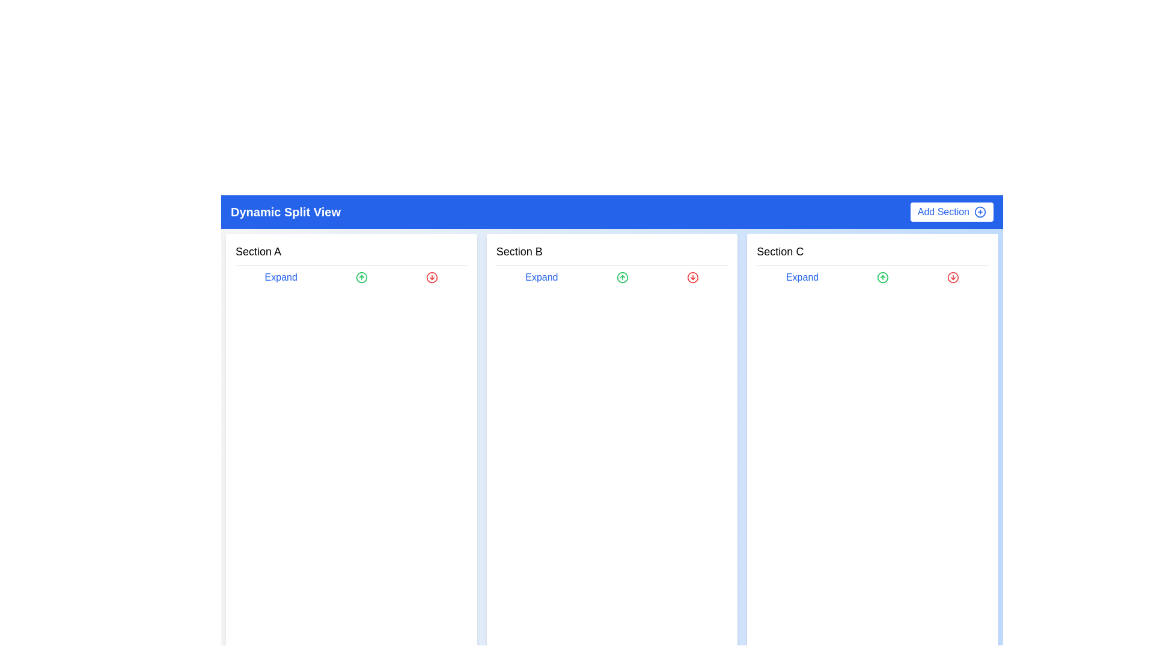 The width and height of the screenshot is (1154, 649). Describe the element at coordinates (951, 212) in the screenshot. I see `the 'Add Section' button located in the top right corner of the blue bar labeled 'Dynamic Split View'` at that location.